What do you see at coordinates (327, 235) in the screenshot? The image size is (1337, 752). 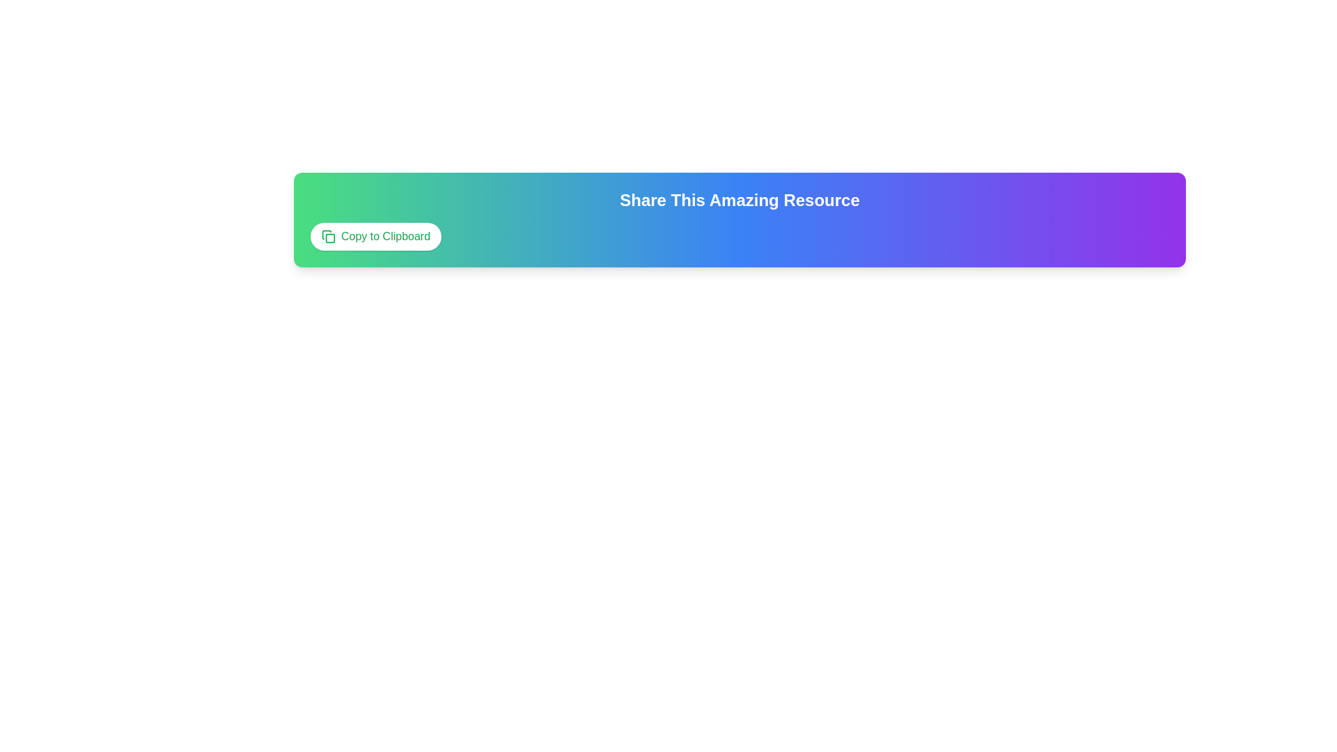 I see `the copy action icon located within the 'Copy to Clipboard' button to trigger a visual cue` at bounding box center [327, 235].